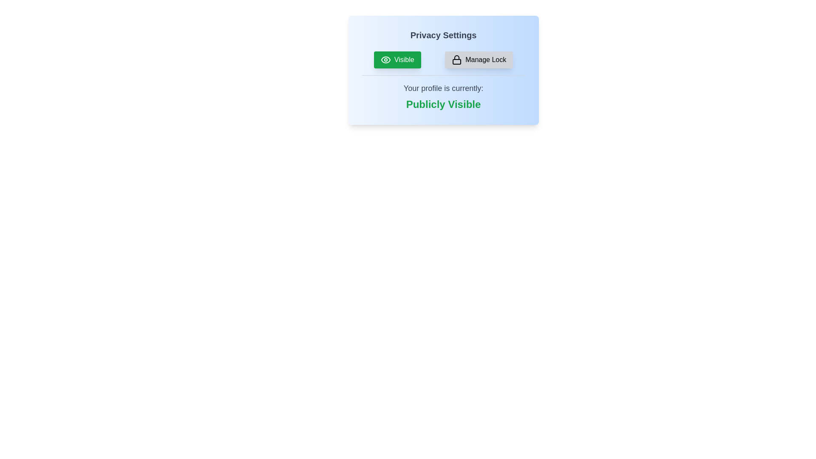 Image resolution: width=816 pixels, height=459 pixels. I want to click on the 'Visible' button to toggle the privacy setting, so click(397, 59).